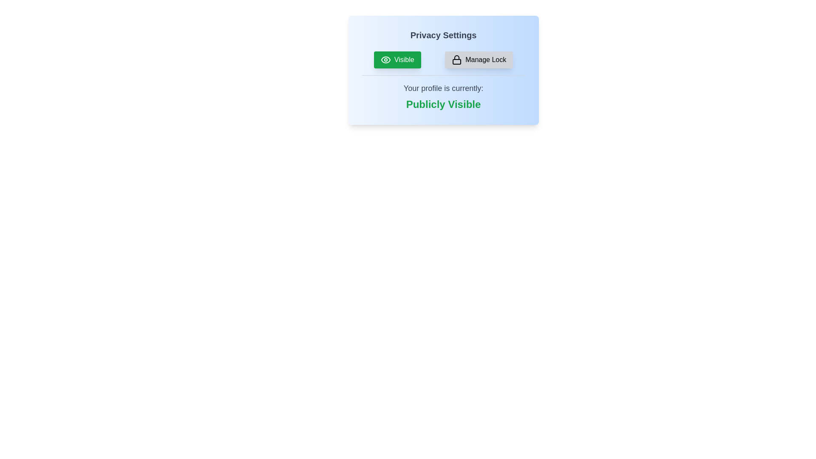 Image resolution: width=816 pixels, height=459 pixels. I want to click on the 'Visible' button to toggle the privacy setting, so click(397, 59).